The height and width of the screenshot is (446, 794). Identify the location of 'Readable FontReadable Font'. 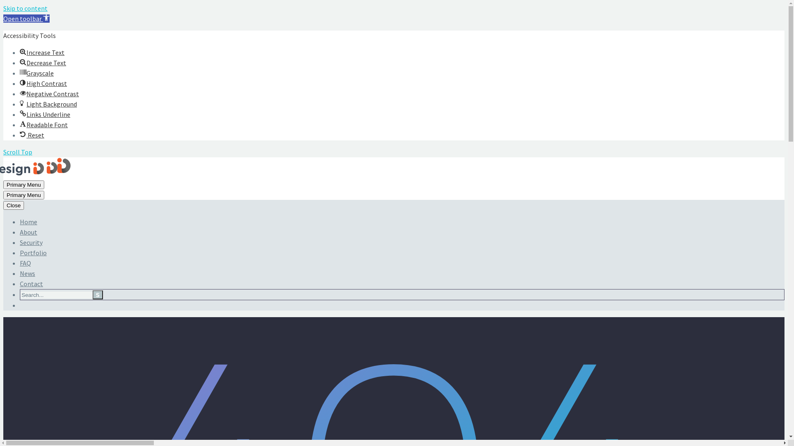
(43, 124).